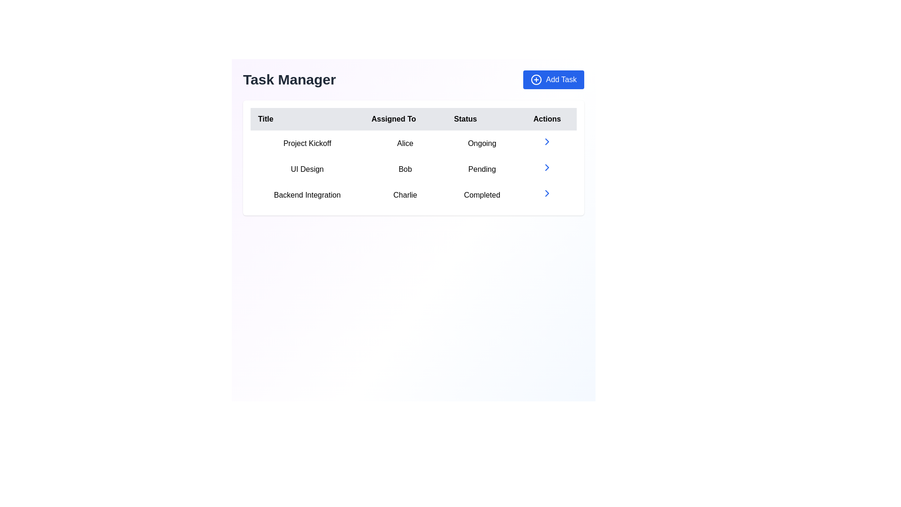  What do you see at coordinates (482, 194) in the screenshot?
I see `the static status indicator located in the third row under the 'Status' column, which is adjacent to the 'Charlie' label in the 'Assigned To' column and near a rightward arrow icon in the 'Actions' column` at bounding box center [482, 194].